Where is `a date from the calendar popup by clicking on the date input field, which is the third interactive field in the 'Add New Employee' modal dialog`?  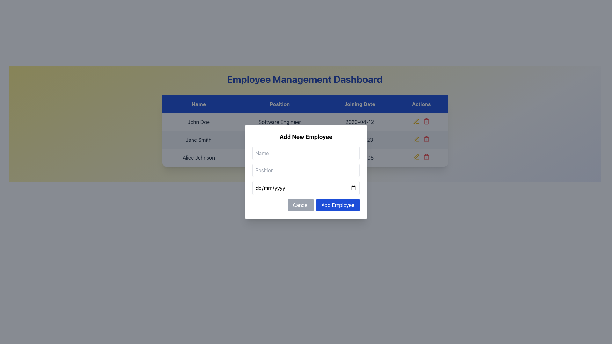
a date from the calendar popup by clicking on the date input field, which is the third interactive field in the 'Add New Employee' modal dialog is located at coordinates (306, 188).